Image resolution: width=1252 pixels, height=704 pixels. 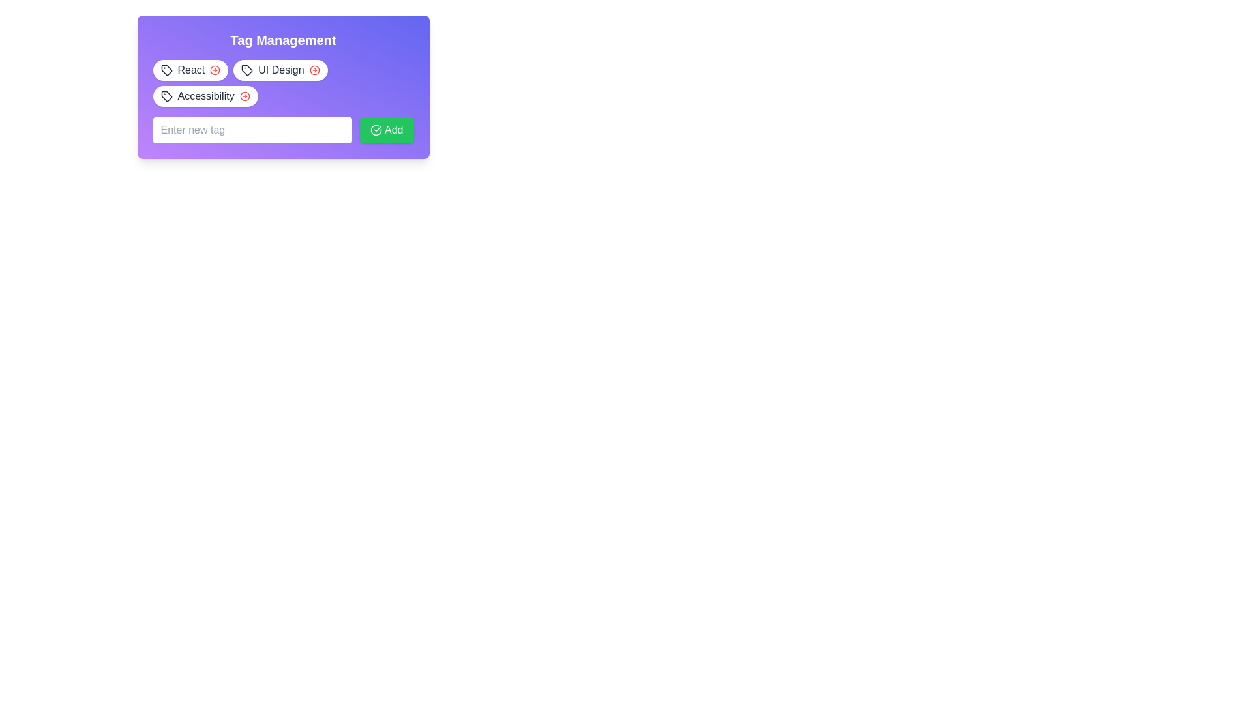 I want to click on the 'React' tag button with a tag icon and a red arrow button on the far right, so click(x=190, y=70).